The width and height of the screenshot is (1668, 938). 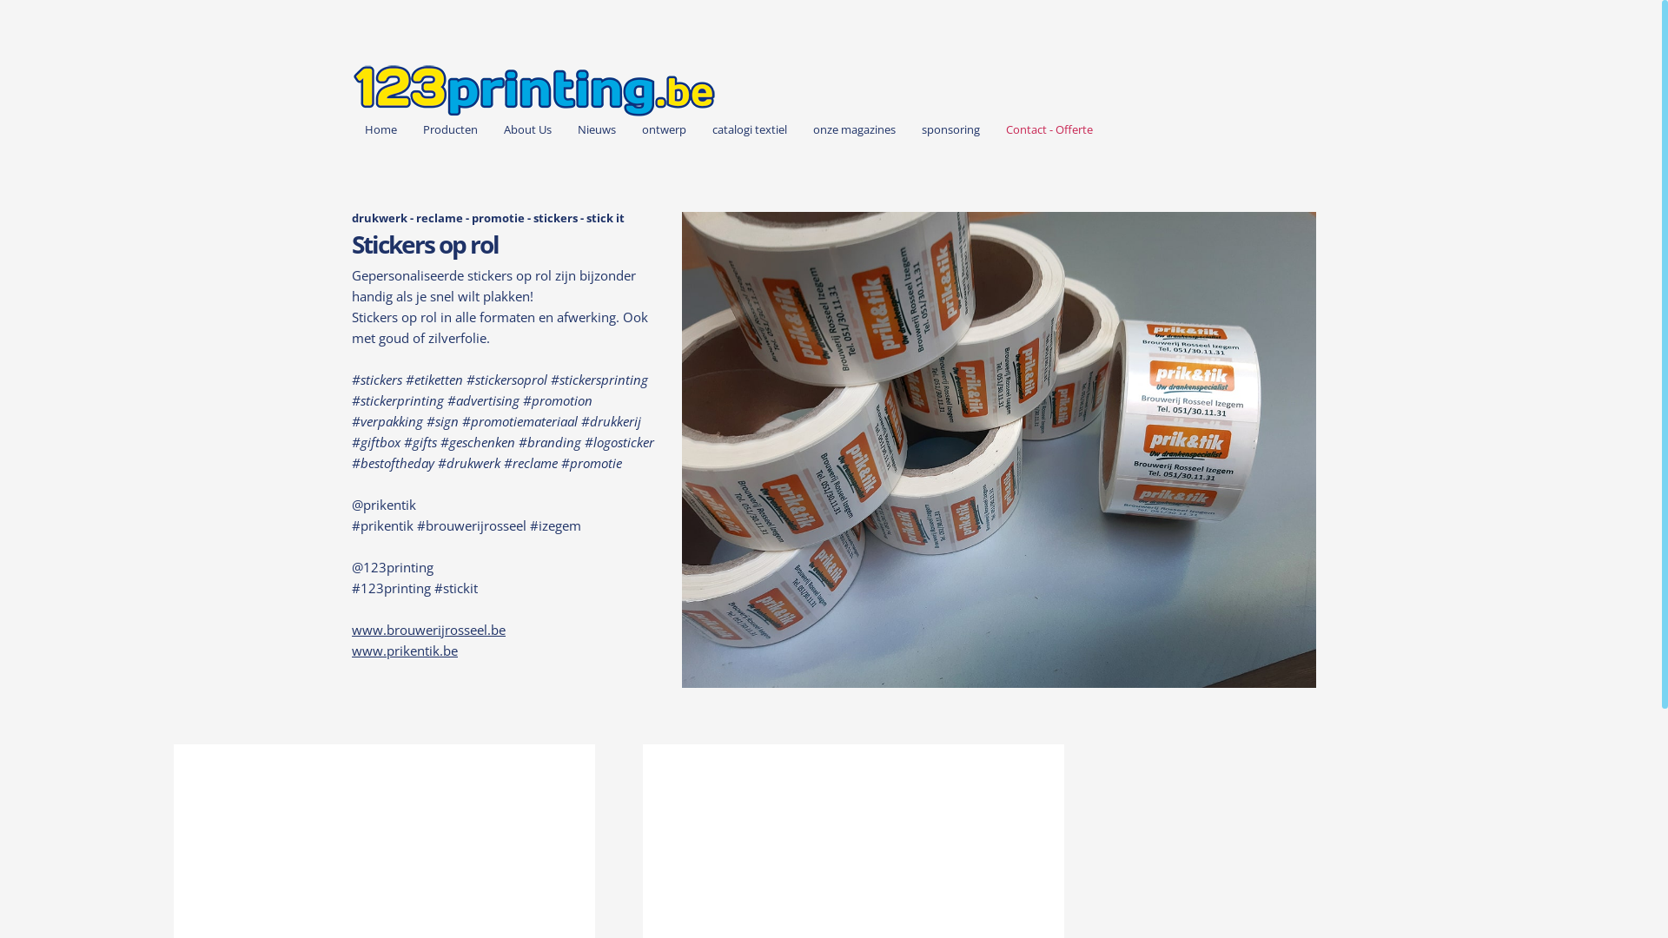 I want to click on 'catalogi textiel', so click(x=750, y=129).